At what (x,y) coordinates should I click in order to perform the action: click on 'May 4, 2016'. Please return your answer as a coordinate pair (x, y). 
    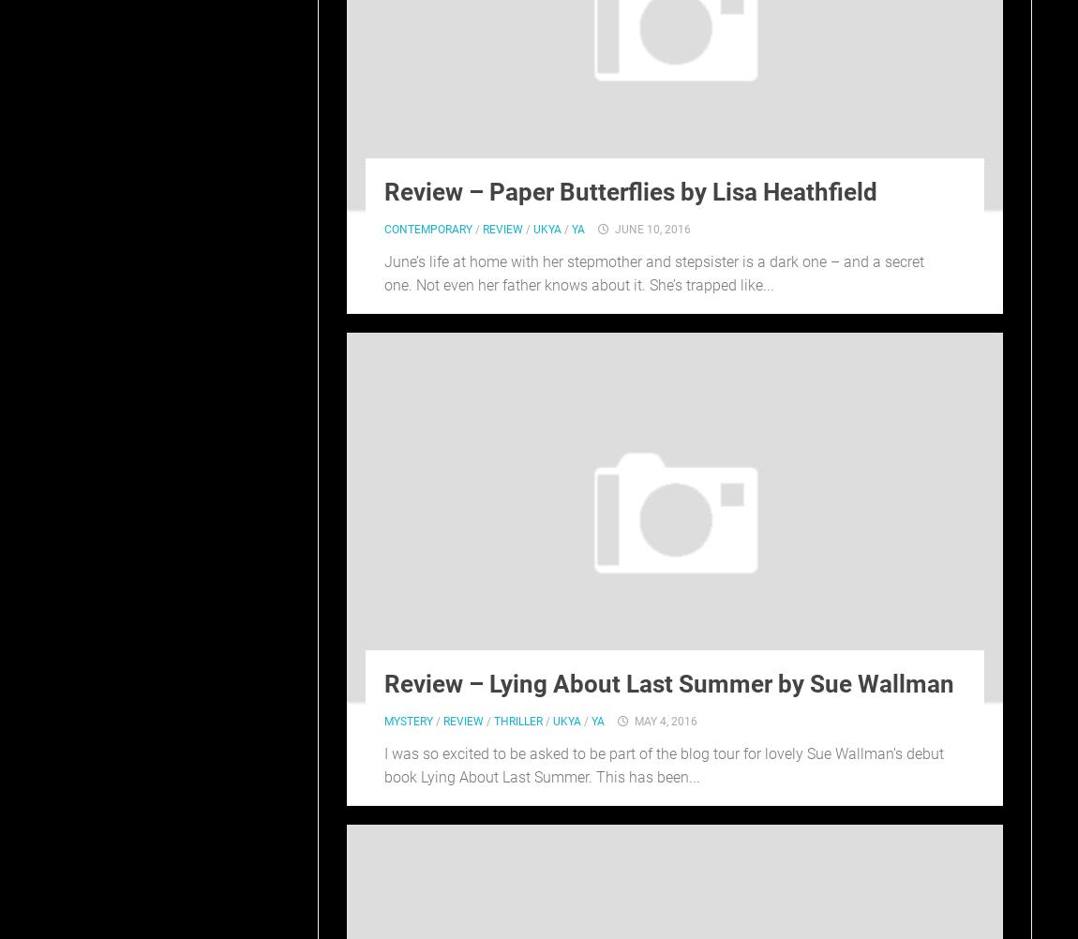
    Looking at the image, I should click on (665, 720).